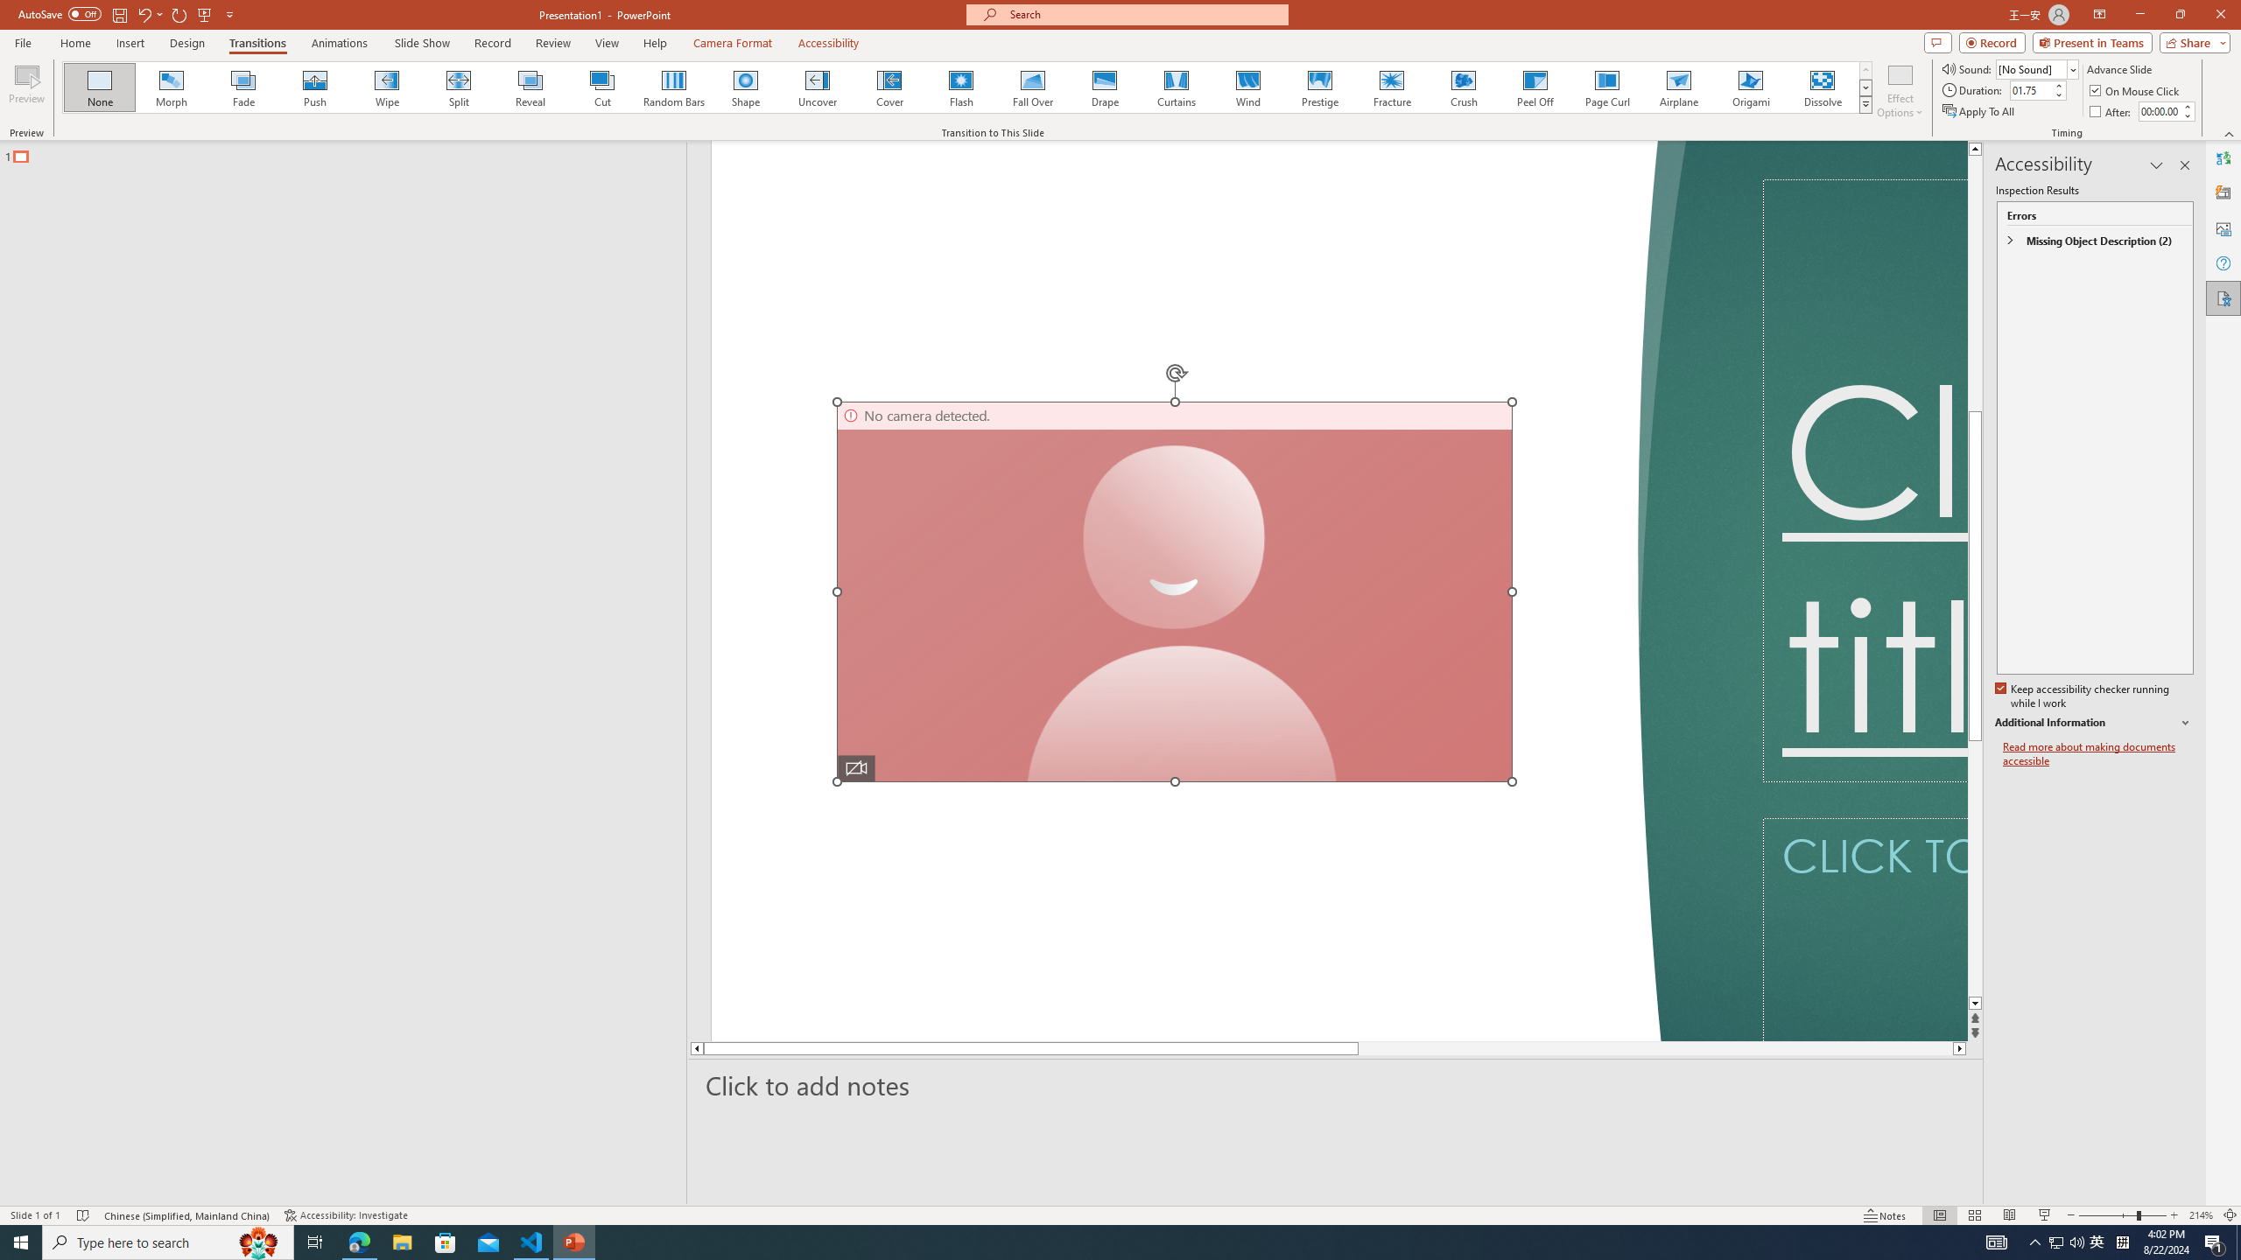 Image resolution: width=2241 pixels, height=1260 pixels. What do you see at coordinates (817, 87) in the screenshot?
I see `'Uncover'` at bounding box center [817, 87].